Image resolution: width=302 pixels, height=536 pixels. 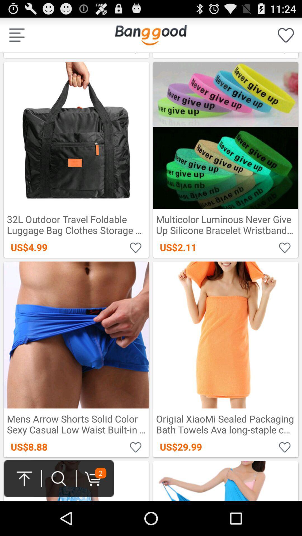 What do you see at coordinates (285, 447) in the screenshot?
I see `this product` at bounding box center [285, 447].